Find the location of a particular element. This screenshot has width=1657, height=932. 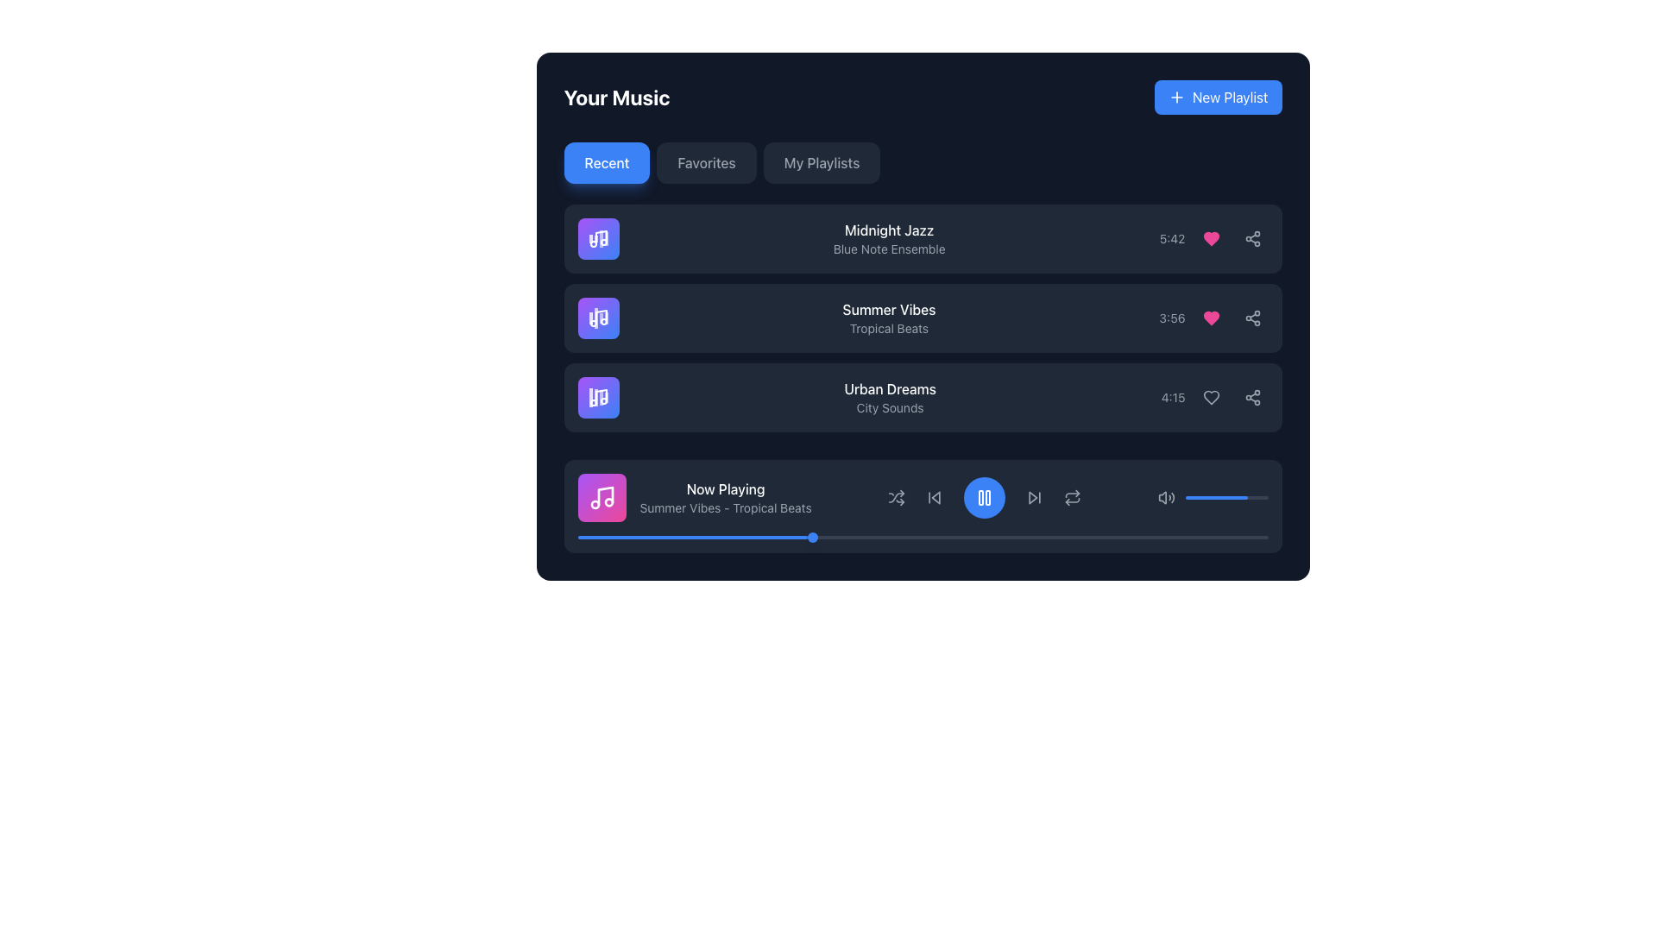

the Icon button associated with the music file or playlist titled 'Summer Vibes' is located at coordinates (598, 318).